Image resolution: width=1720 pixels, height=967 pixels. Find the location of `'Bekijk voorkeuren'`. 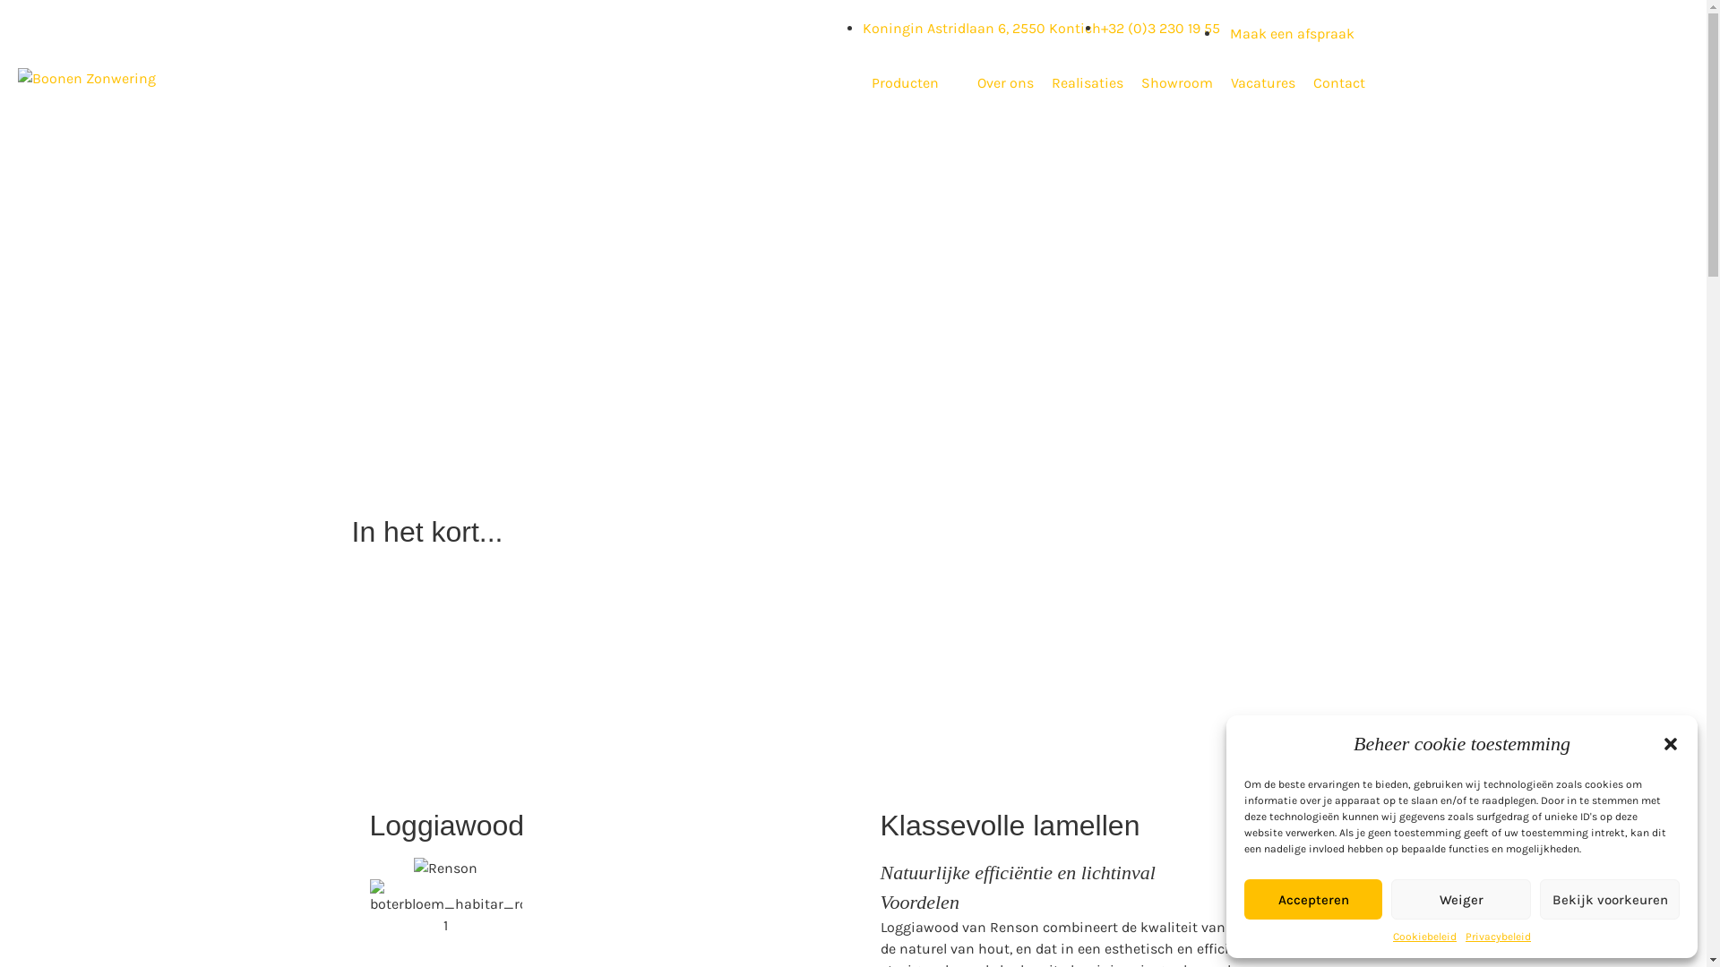

'Bekijk voorkeuren' is located at coordinates (1609, 899).